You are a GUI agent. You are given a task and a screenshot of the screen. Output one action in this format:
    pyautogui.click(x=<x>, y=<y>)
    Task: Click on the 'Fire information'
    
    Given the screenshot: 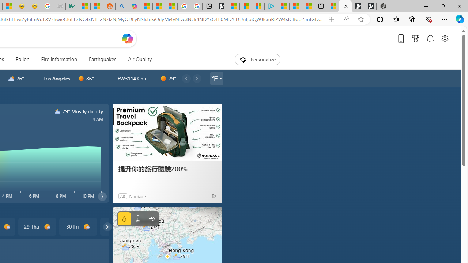 What is the action you would take?
    pyautogui.click(x=59, y=59)
    